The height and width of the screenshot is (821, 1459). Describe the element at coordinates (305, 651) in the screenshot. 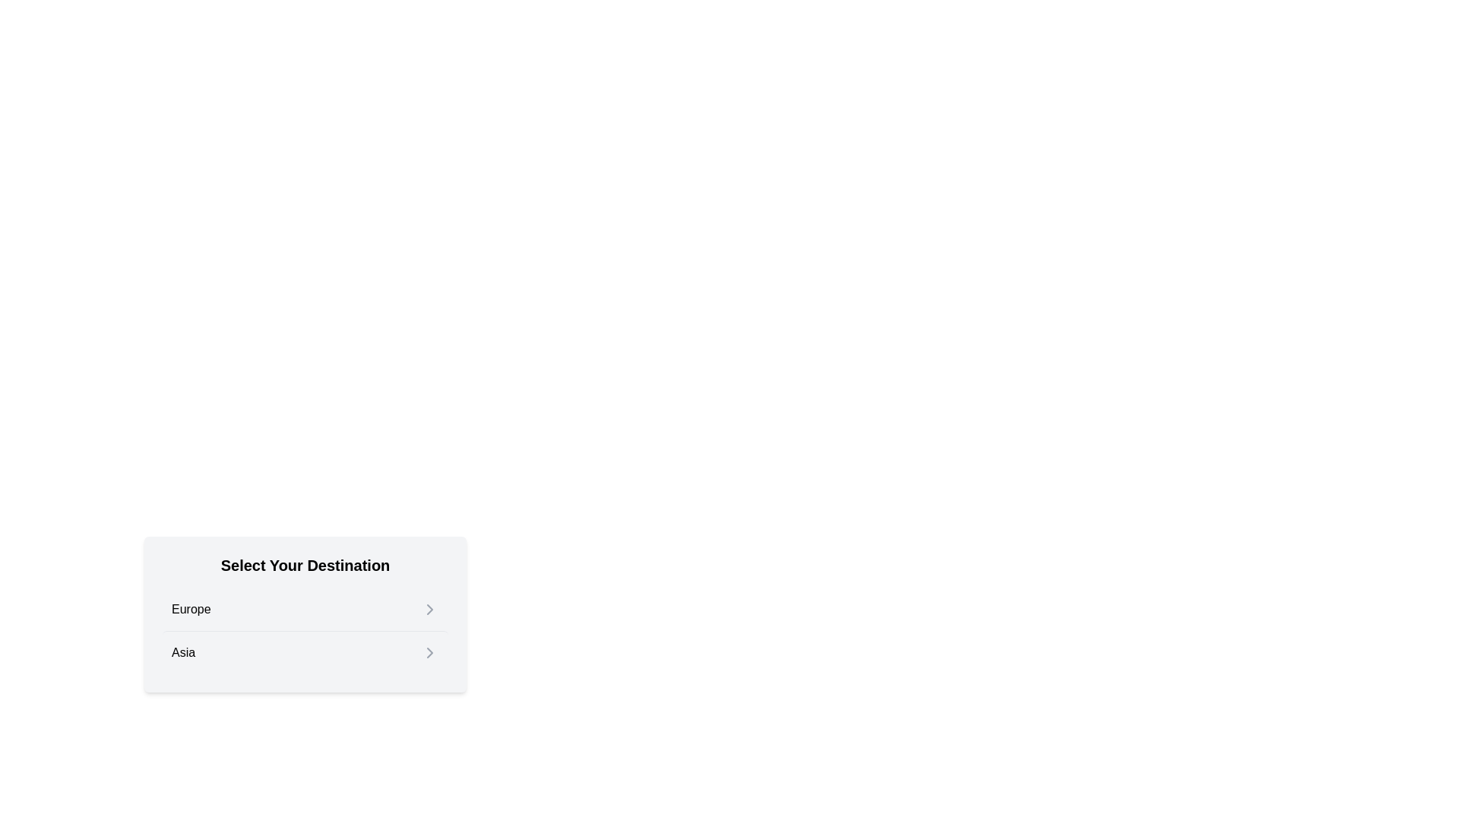

I see `the 'Asia' button-like list item located under 'Select Your Destination', which is the second item in the vertical list` at that location.